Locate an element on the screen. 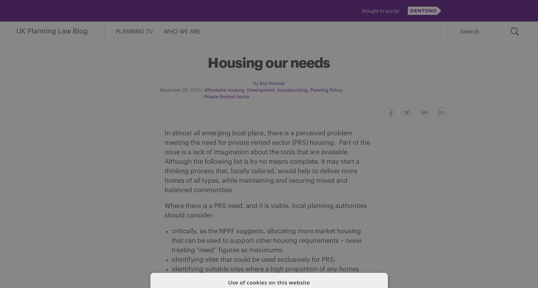 Image resolution: width=538 pixels, height=288 pixels. 'Private Rented Sector' is located at coordinates (226, 97).